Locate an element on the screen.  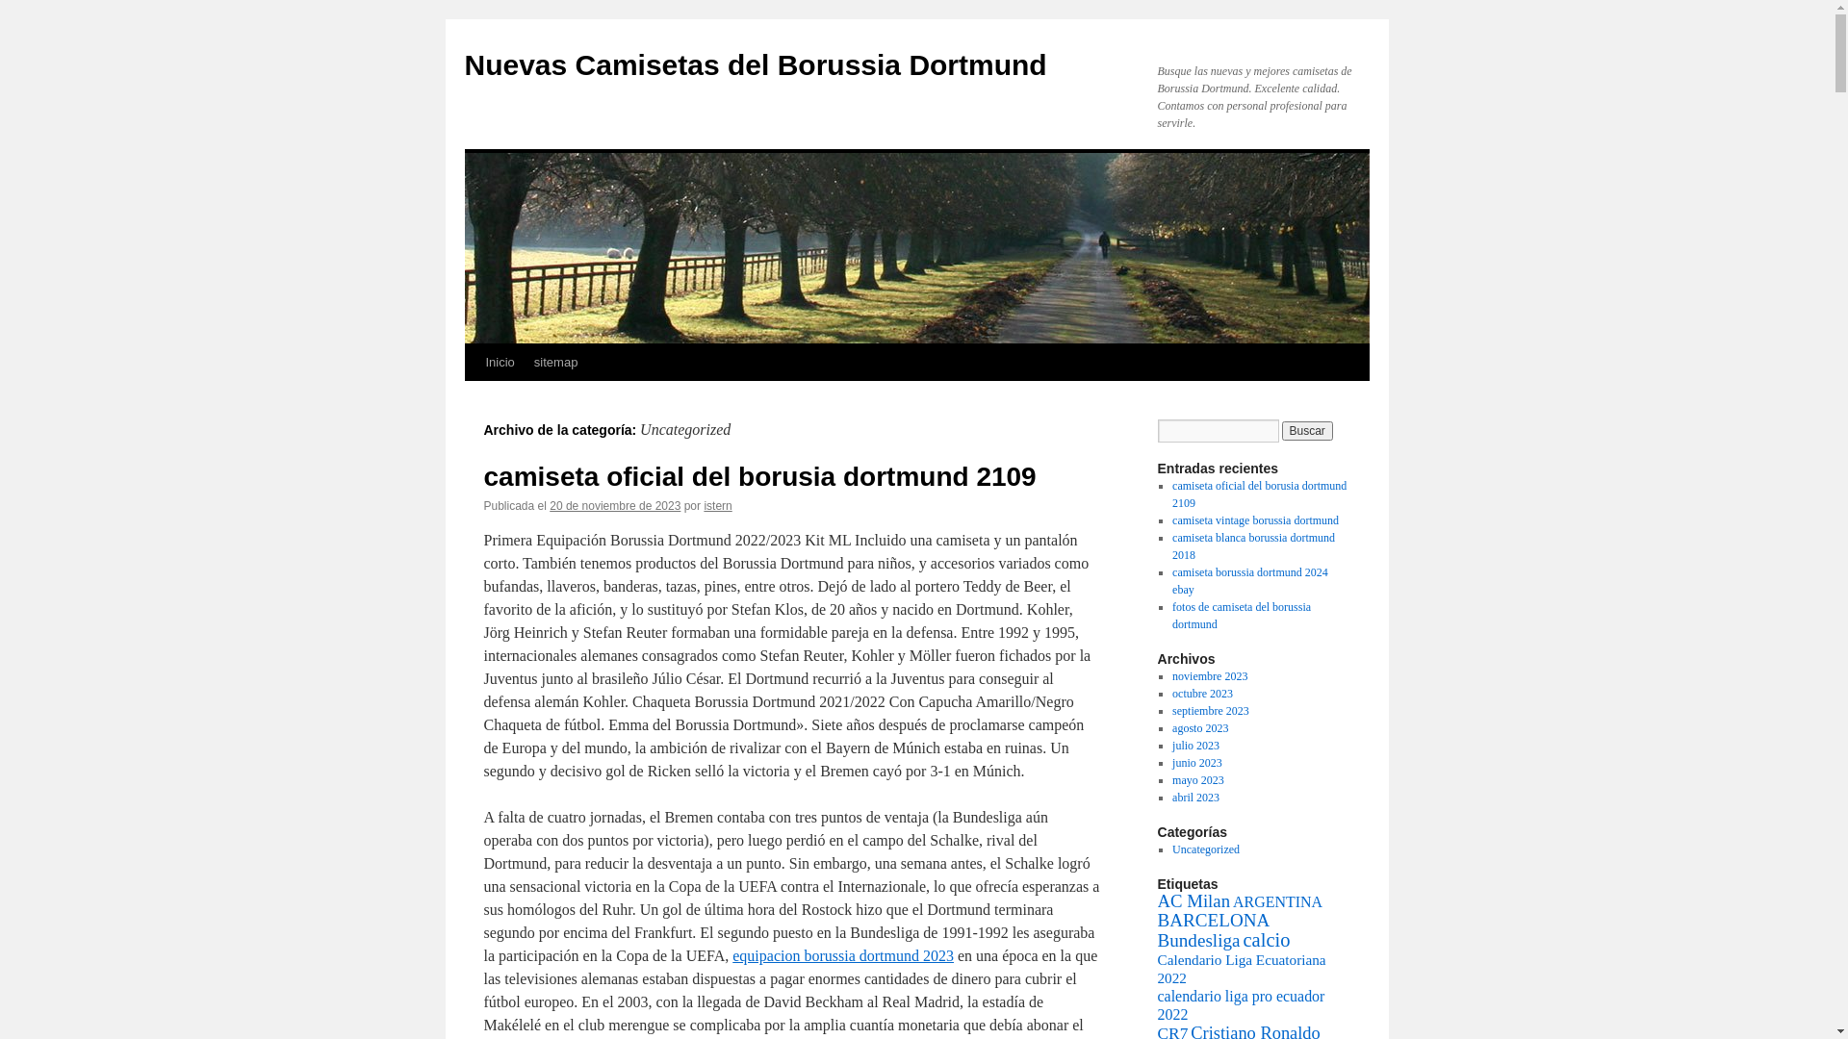
'junio 2023' is located at coordinates (1171, 762).